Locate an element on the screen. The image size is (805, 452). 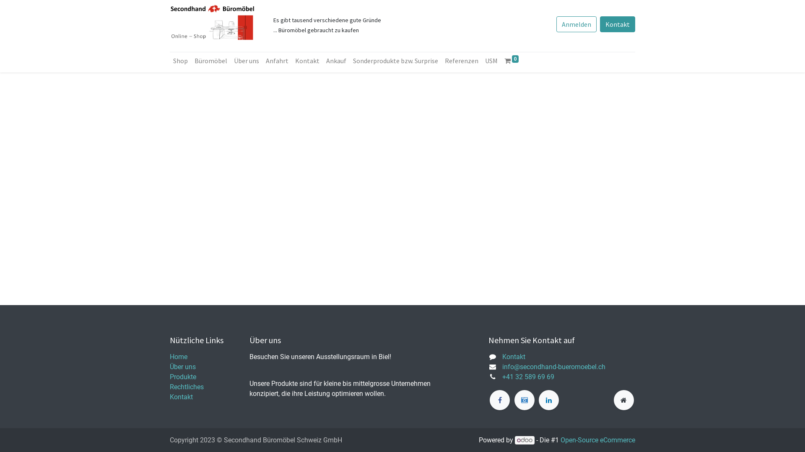
'Kontakt' is located at coordinates (513, 357).